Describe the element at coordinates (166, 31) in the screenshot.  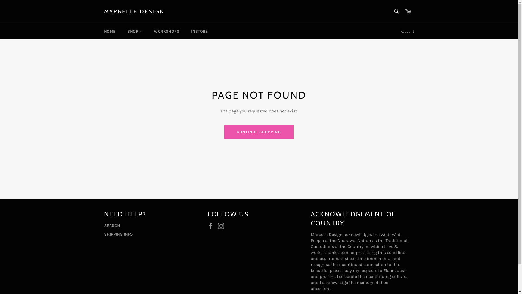
I see `'WORKSHOPS'` at that location.